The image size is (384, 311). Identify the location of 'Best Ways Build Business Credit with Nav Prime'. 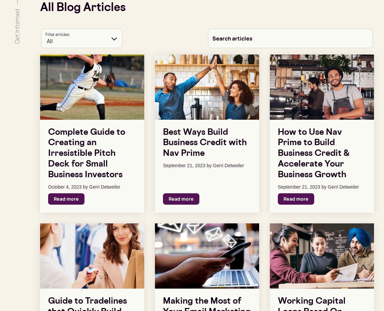
(204, 143).